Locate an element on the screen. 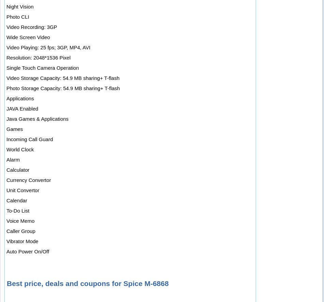 This screenshot has height=302, width=324. 'Calendar' is located at coordinates (16, 200).